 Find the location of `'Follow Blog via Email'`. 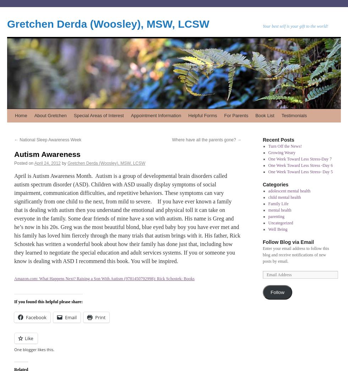

'Follow Blog via Email' is located at coordinates (288, 242).